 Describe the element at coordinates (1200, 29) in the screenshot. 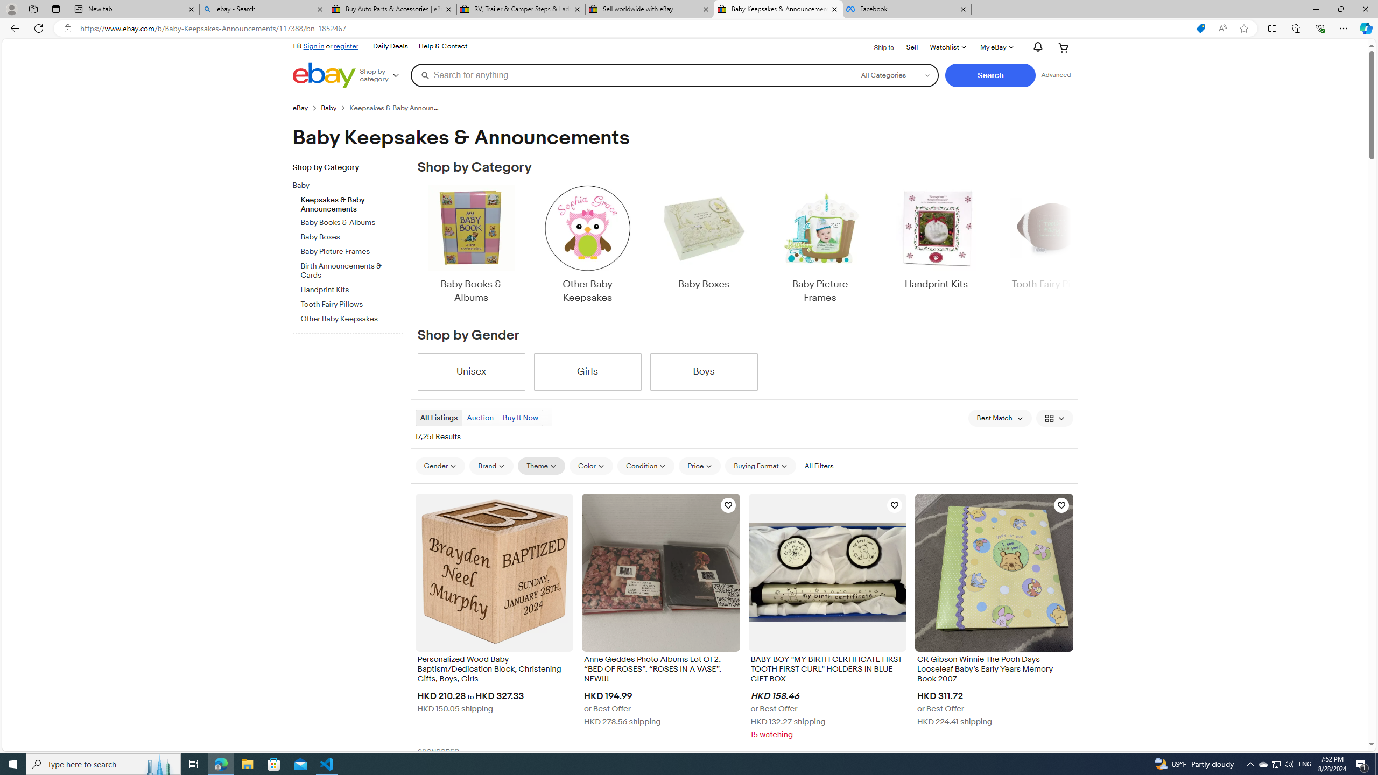

I see `'This site has coupons! Shopping in Microsoft Edge'` at that location.